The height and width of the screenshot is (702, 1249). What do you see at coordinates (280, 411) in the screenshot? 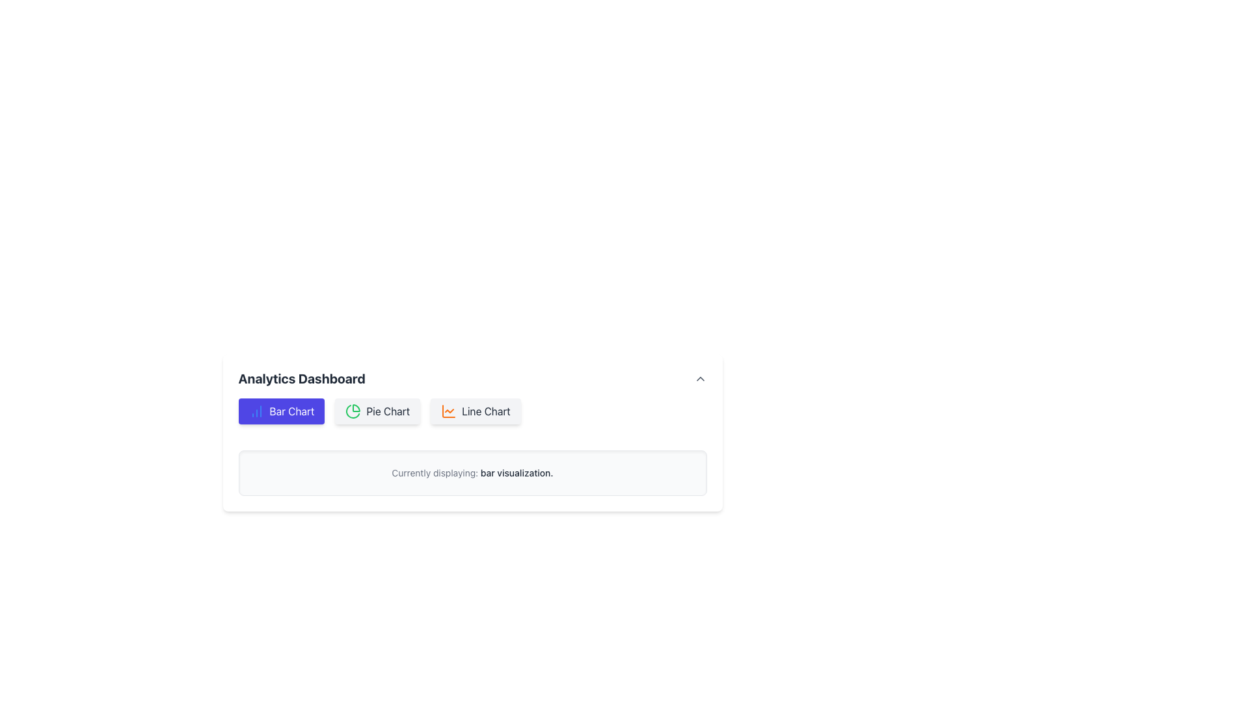
I see `the 'Bar Chart' button, which has a blue background and white text` at bounding box center [280, 411].